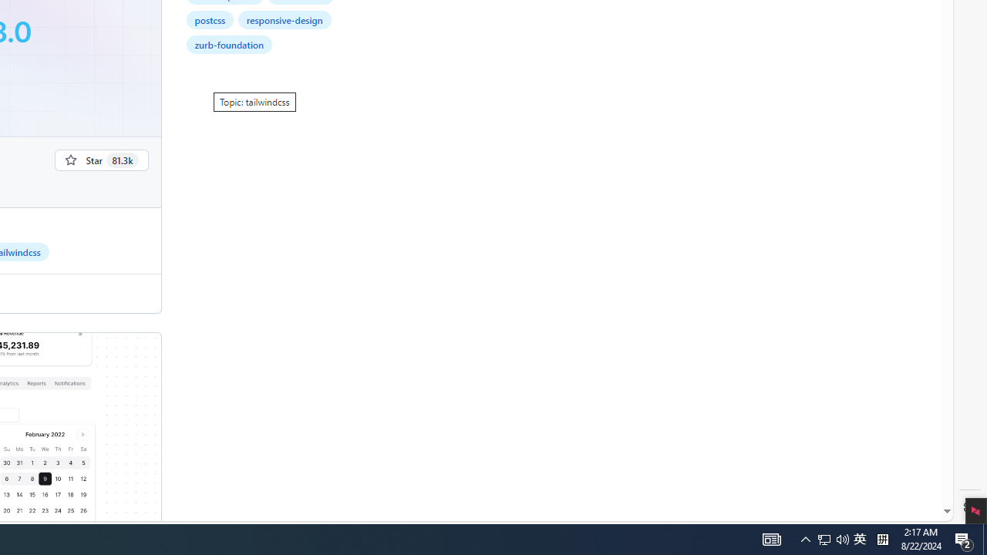 Image resolution: width=987 pixels, height=555 pixels. I want to click on 'responsive-design', so click(285, 19).